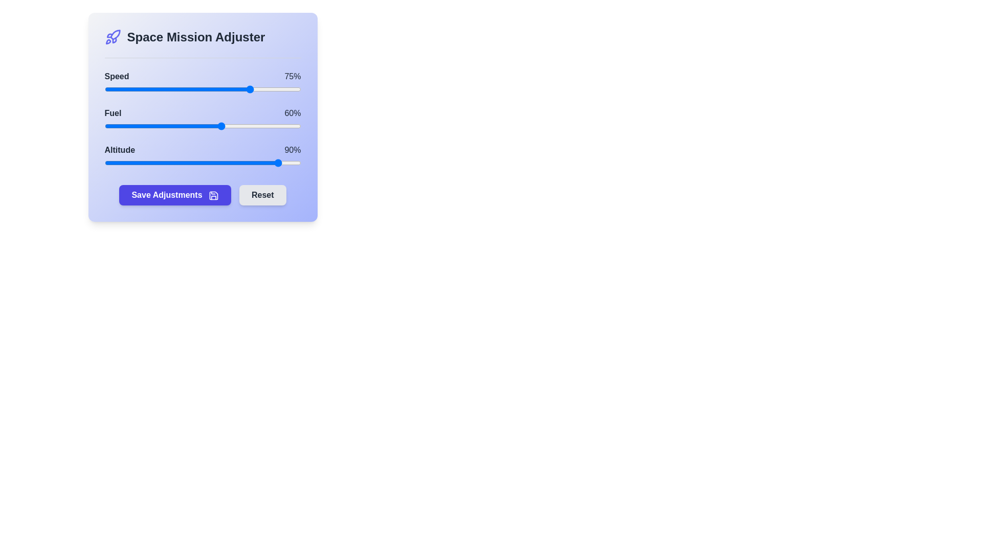 The width and height of the screenshot is (982, 552). I want to click on the 1 slider to 13%, so click(129, 125).